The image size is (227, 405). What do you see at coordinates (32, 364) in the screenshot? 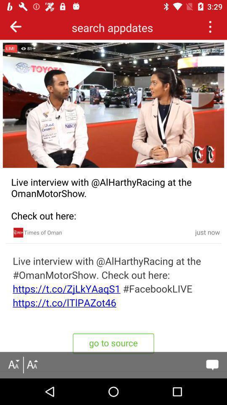
I see `the increase font size` at bounding box center [32, 364].